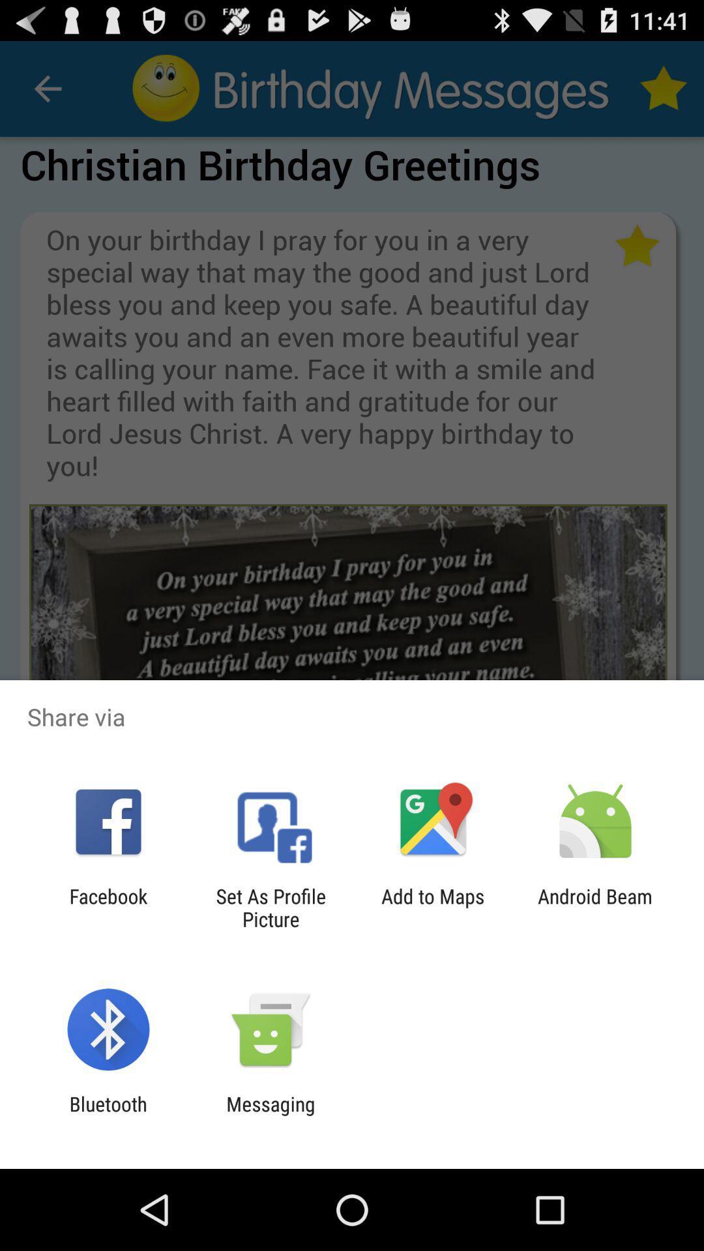  What do you see at coordinates (270, 1115) in the screenshot?
I see `the messaging icon` at bounding box center [270, 1115].